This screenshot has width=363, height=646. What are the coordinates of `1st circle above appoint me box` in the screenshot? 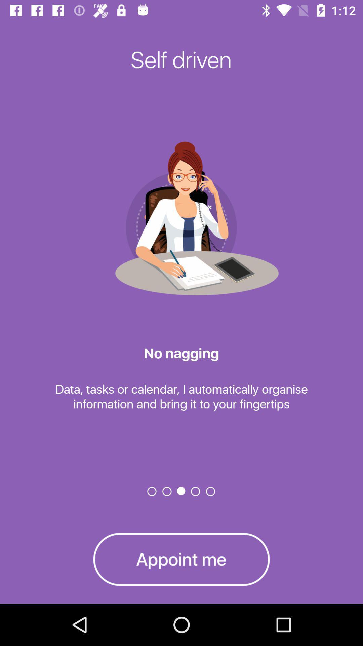 It's located at (152, 491).